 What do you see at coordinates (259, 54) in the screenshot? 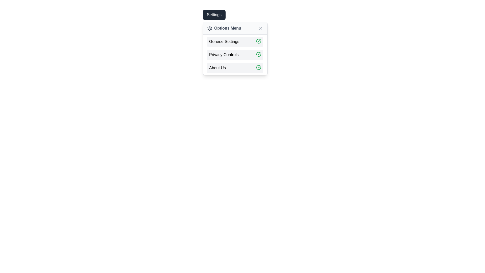
I see `the SVG checkmark icon with a green stroke located at the far-right edge of the 'Privacy Controls' row in the 'Options Menu'. This is the second checkmark icon corresponding to 'Privacy Controls'` at bounding box center [259, 54].